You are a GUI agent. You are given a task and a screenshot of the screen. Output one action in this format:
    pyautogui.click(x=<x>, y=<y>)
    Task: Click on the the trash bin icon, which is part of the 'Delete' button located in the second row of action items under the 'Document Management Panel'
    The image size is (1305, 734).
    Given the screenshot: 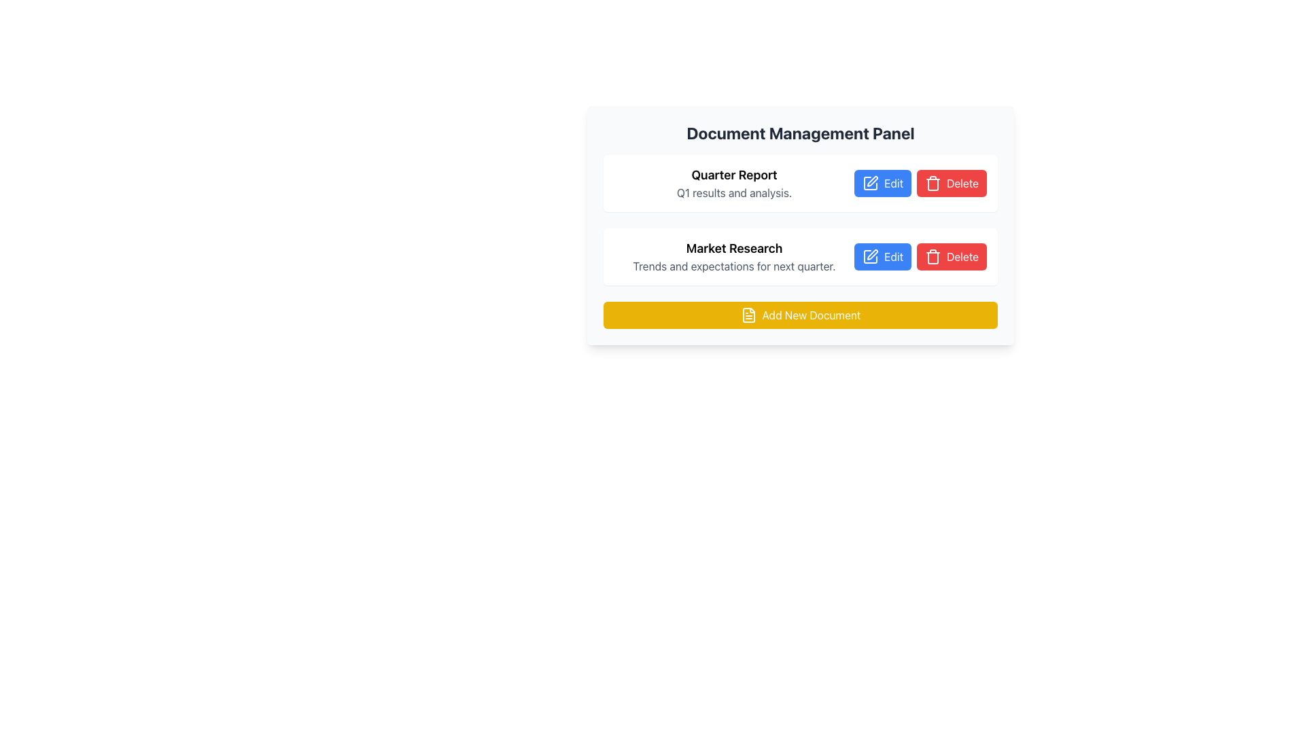 What is the action you would take?
    pyautogui.click(x=932, y=183)
    